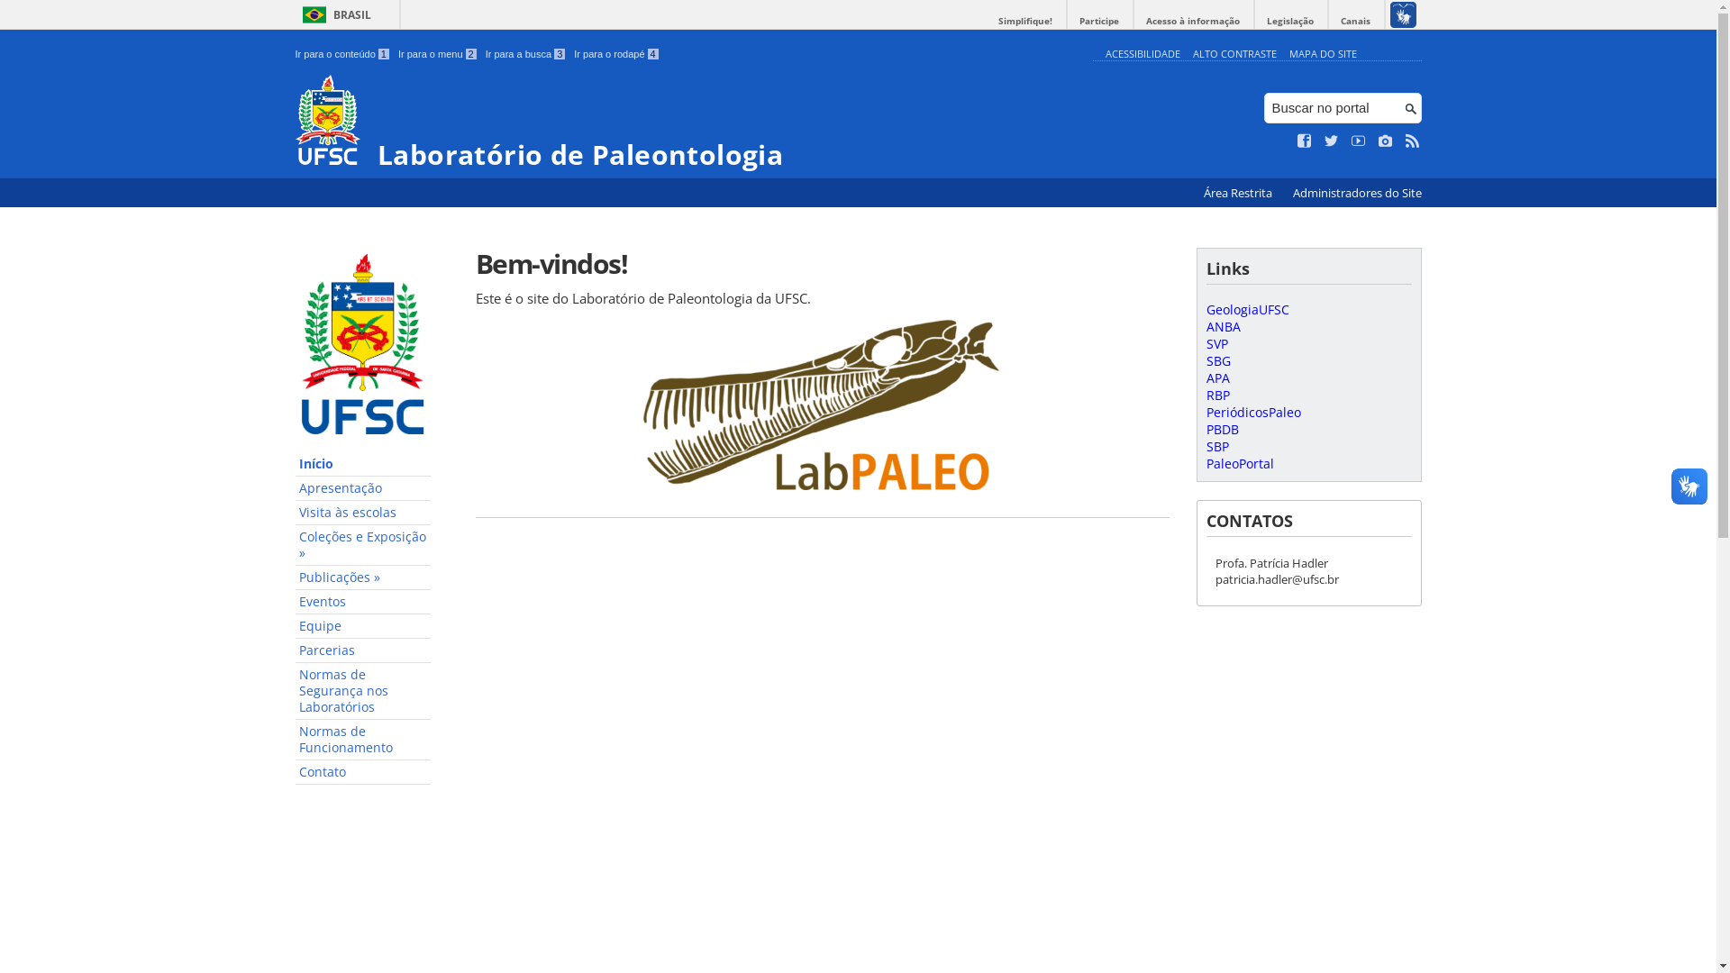 The width and height of the screenshot is (1730, 973). What do you see at coordinates (1217, 360) in the screenshot?
I see `'SBG'` at bounding box center [1217, 360].